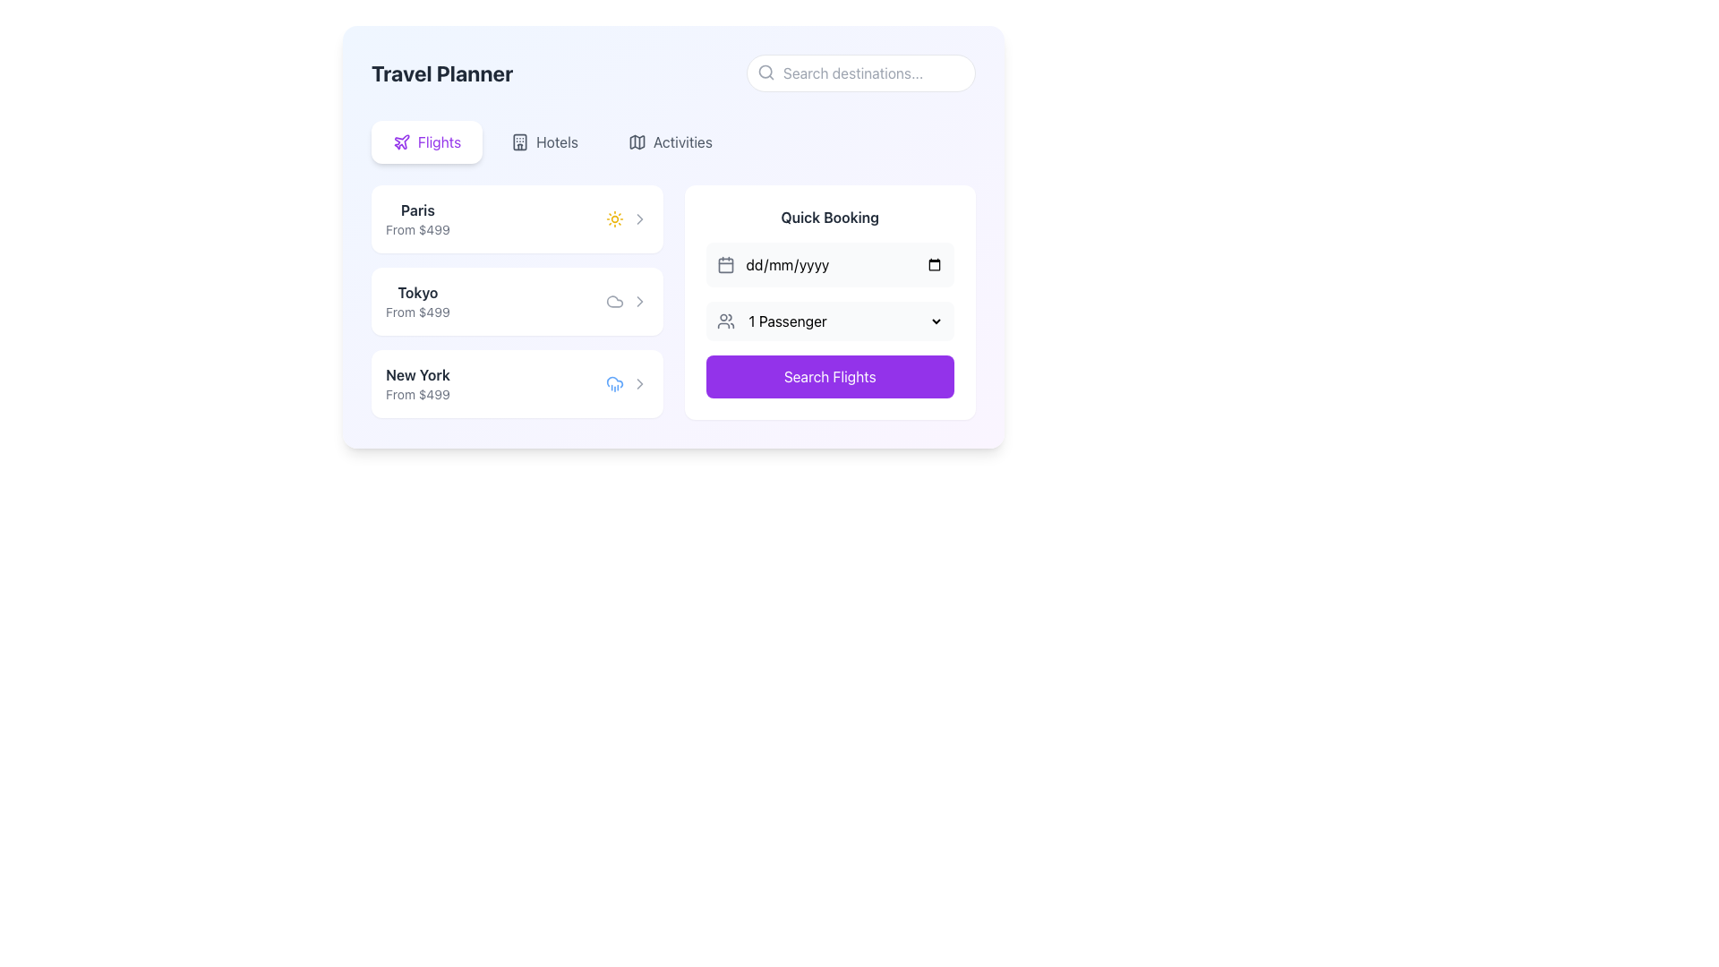 This screenshot has width=1719, height=967. What do you see at coordinates (639, 300) in the screenshot?
I see `the chevron icon representing navigation for the 'Tokyo' destination` at bounding box center [639, 300].